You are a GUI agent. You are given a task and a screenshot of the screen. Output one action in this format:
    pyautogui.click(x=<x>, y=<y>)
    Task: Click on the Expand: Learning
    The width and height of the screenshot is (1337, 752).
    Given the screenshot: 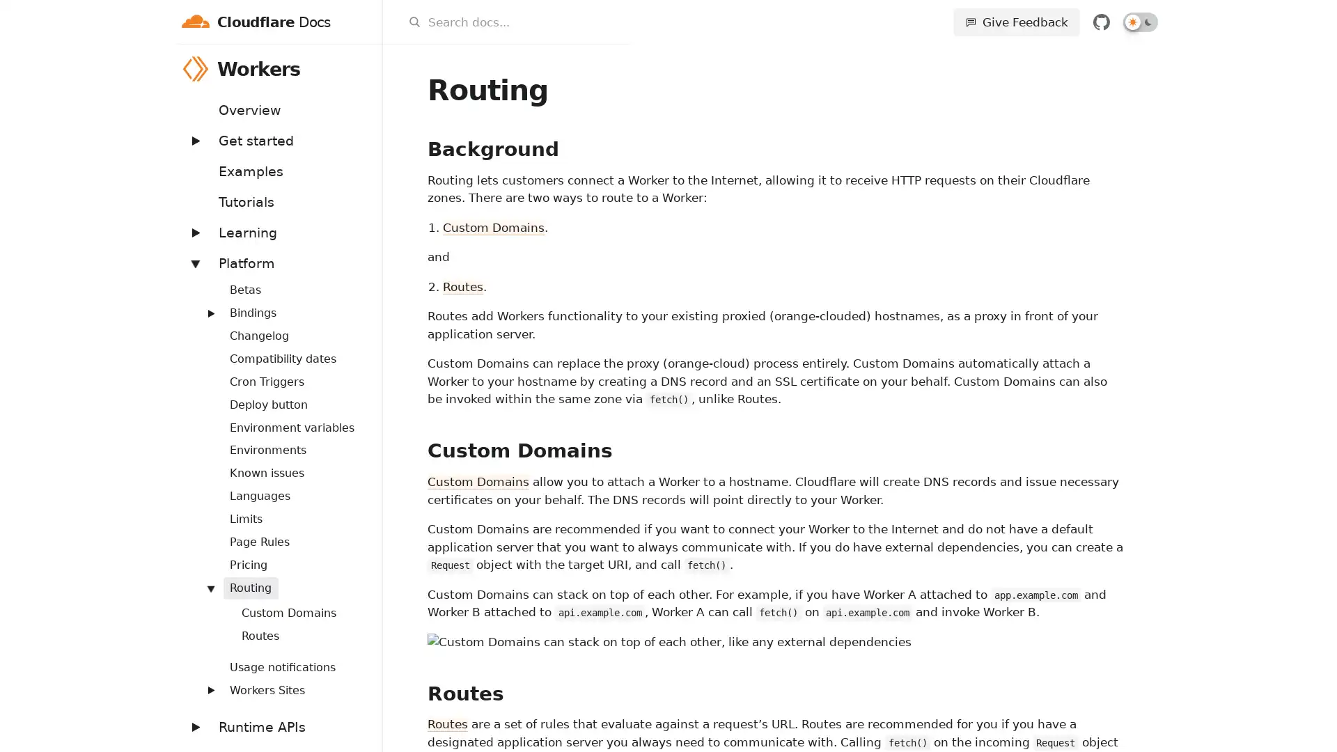 What is the action you would take?
    pyautogui.click(x=194, y=231)
    